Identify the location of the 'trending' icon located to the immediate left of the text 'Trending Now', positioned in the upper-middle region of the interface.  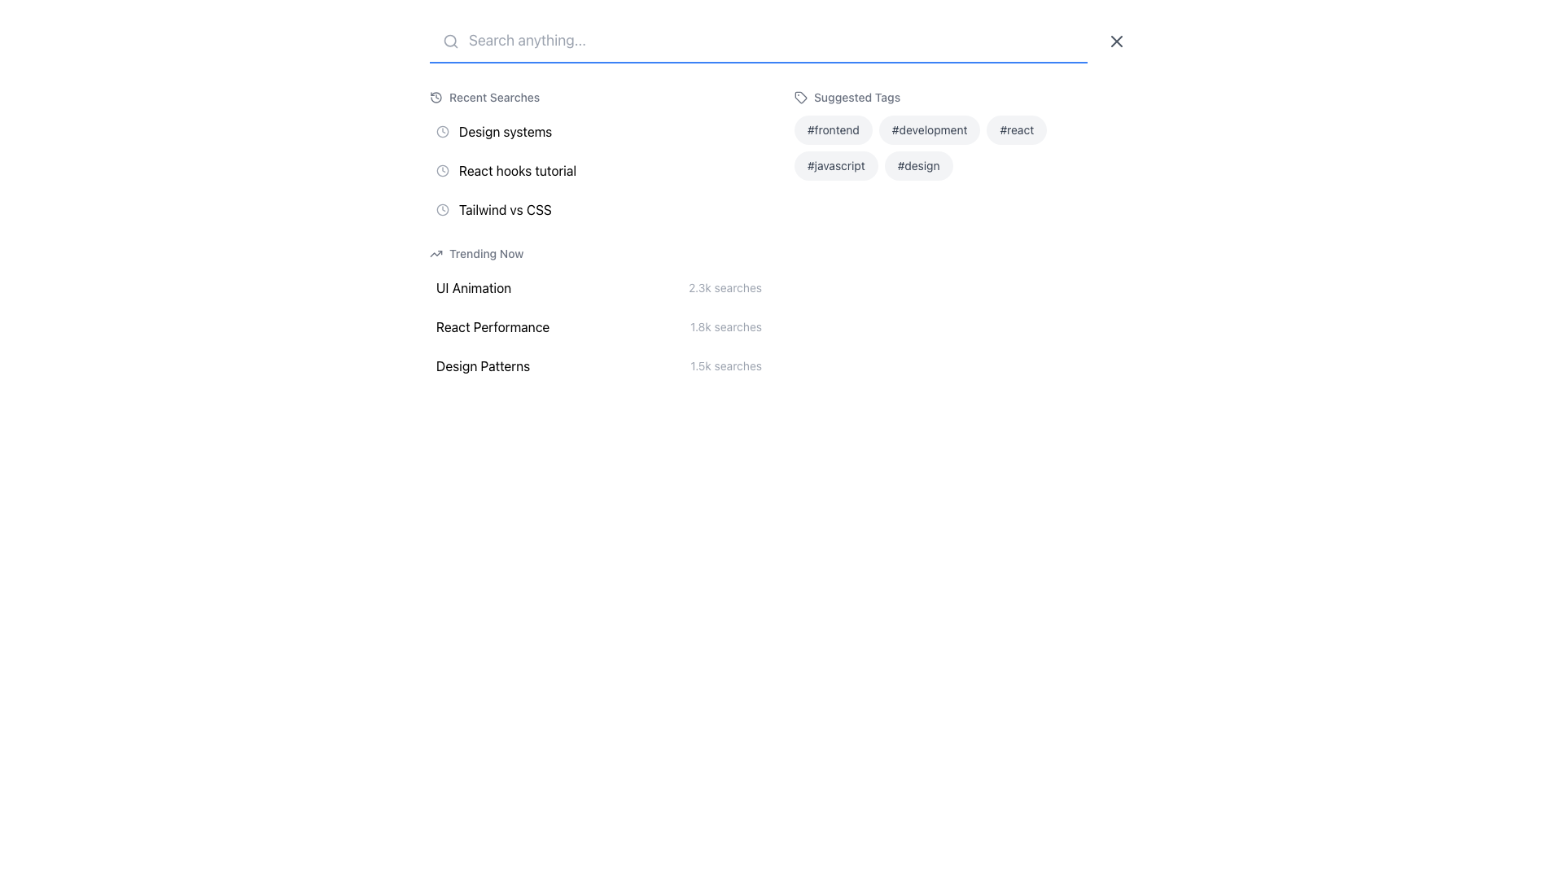
(436, 254).